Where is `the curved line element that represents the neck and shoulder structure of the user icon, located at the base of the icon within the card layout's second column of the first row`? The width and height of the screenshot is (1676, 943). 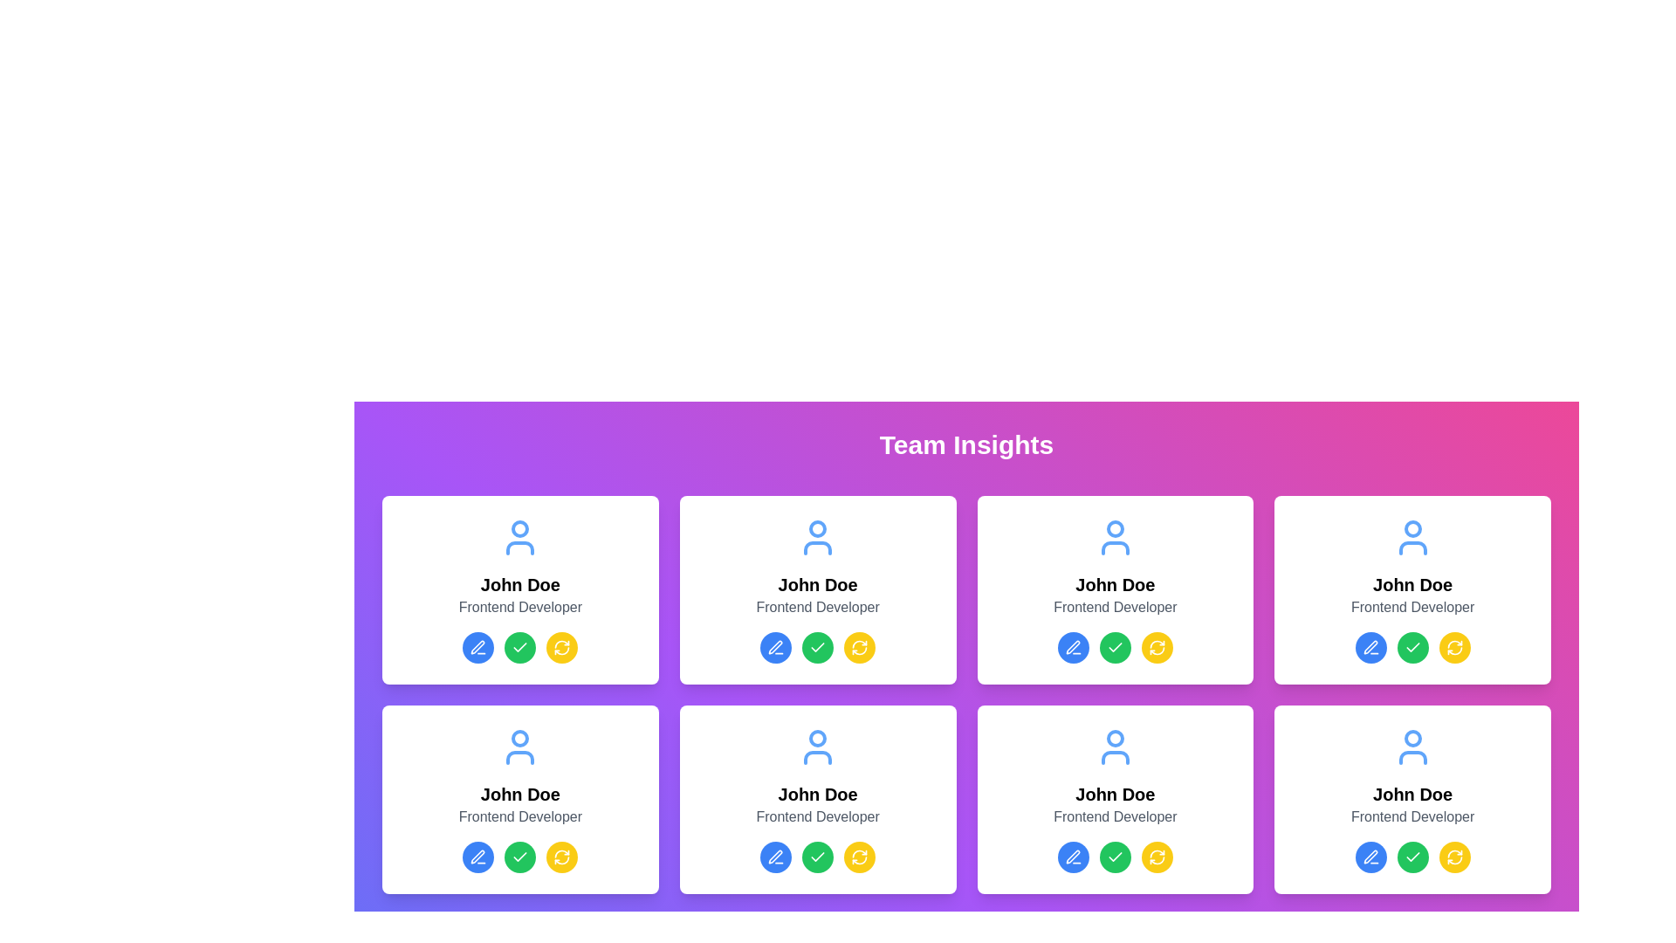
the curved line element that represents the neck and shoulder structure of the user icon, located at the base of the icon within the card layout's second column of the first row is located at coordinates (817, 547).